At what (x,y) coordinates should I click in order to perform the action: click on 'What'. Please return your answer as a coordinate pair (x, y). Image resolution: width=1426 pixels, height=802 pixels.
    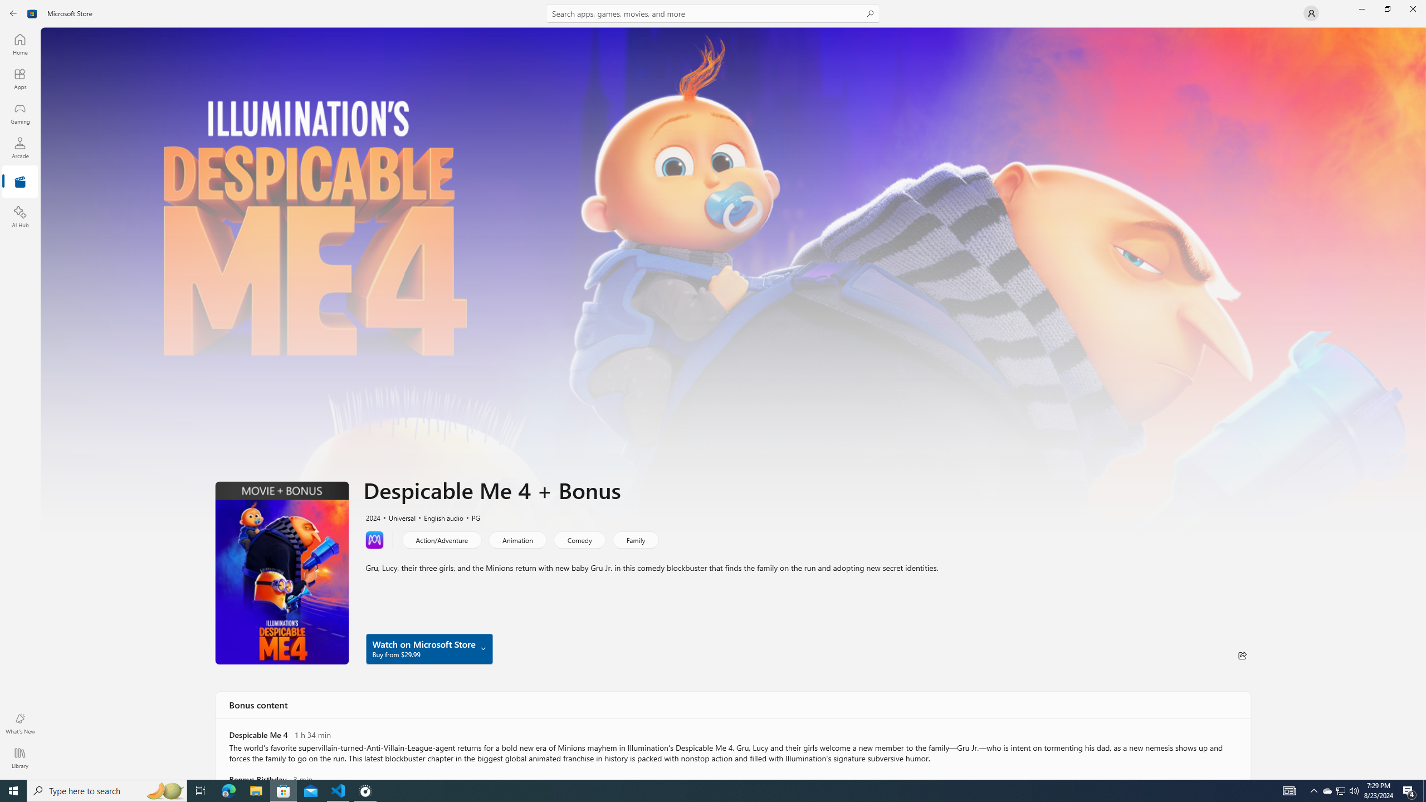
    Looking at the image, I should click on (19, 723).